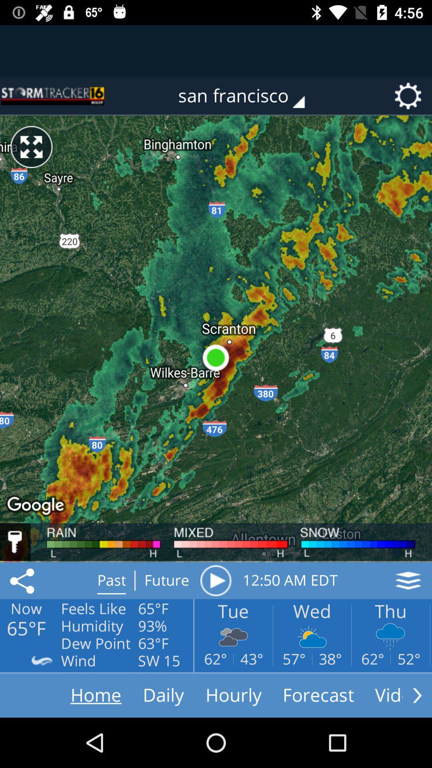 The height and width of the screenshot is (768, 432). What do you see at coordinates (247, 96) in the screenshot?
I see `the san francisco item` at bounding box center [247, 96].